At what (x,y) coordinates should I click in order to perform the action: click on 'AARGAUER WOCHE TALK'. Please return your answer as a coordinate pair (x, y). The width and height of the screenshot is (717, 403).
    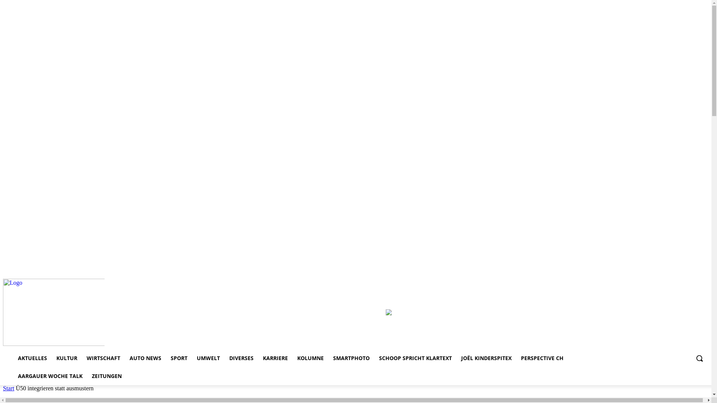
    Looking at the image, I should click on (50, 376).